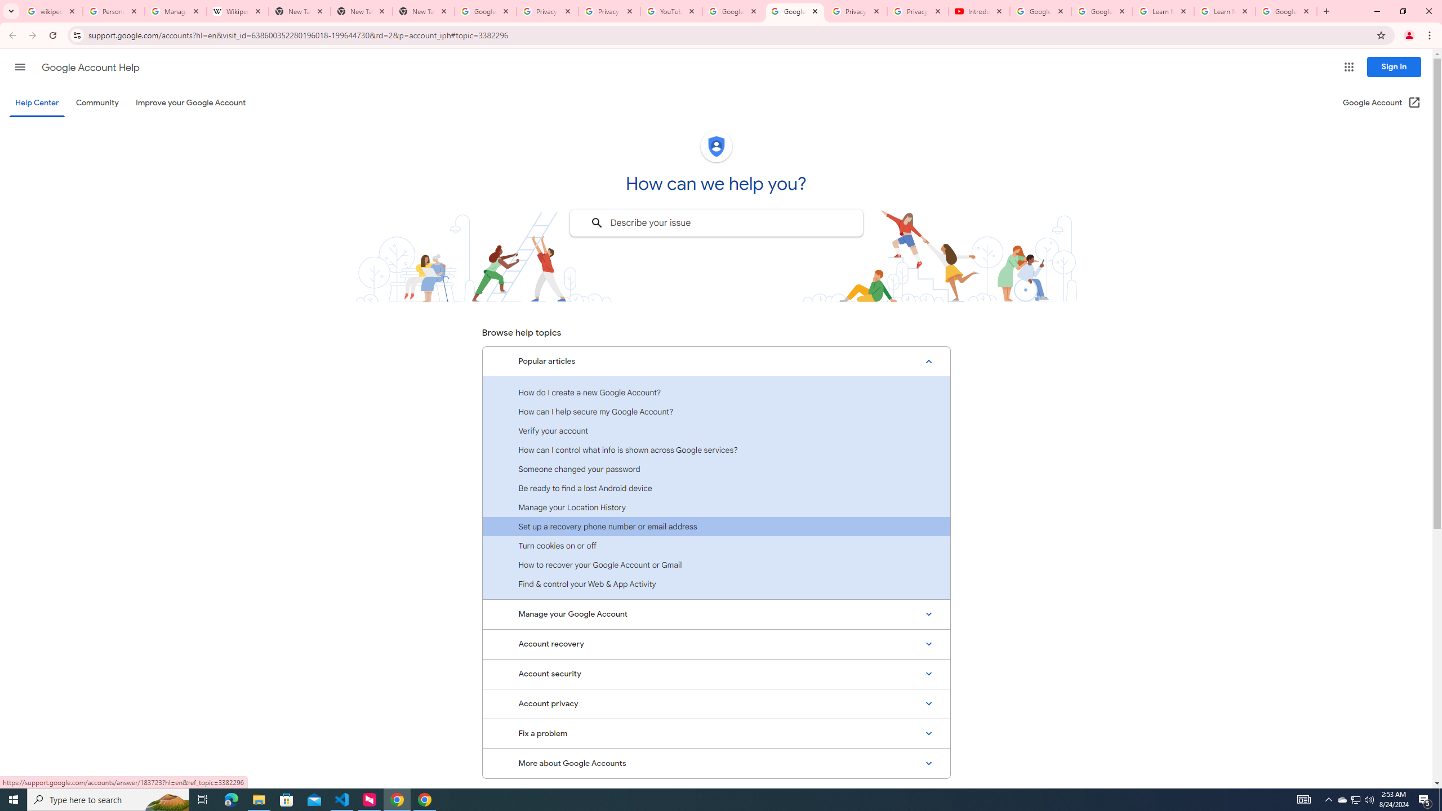 Image resolution: width=1442 pixels, height=811 pixels. Describe the element at coordinates (237, 11) in the screenshot. I see `'Wikipedia:Edit requests - Wikipedia'` at that location.